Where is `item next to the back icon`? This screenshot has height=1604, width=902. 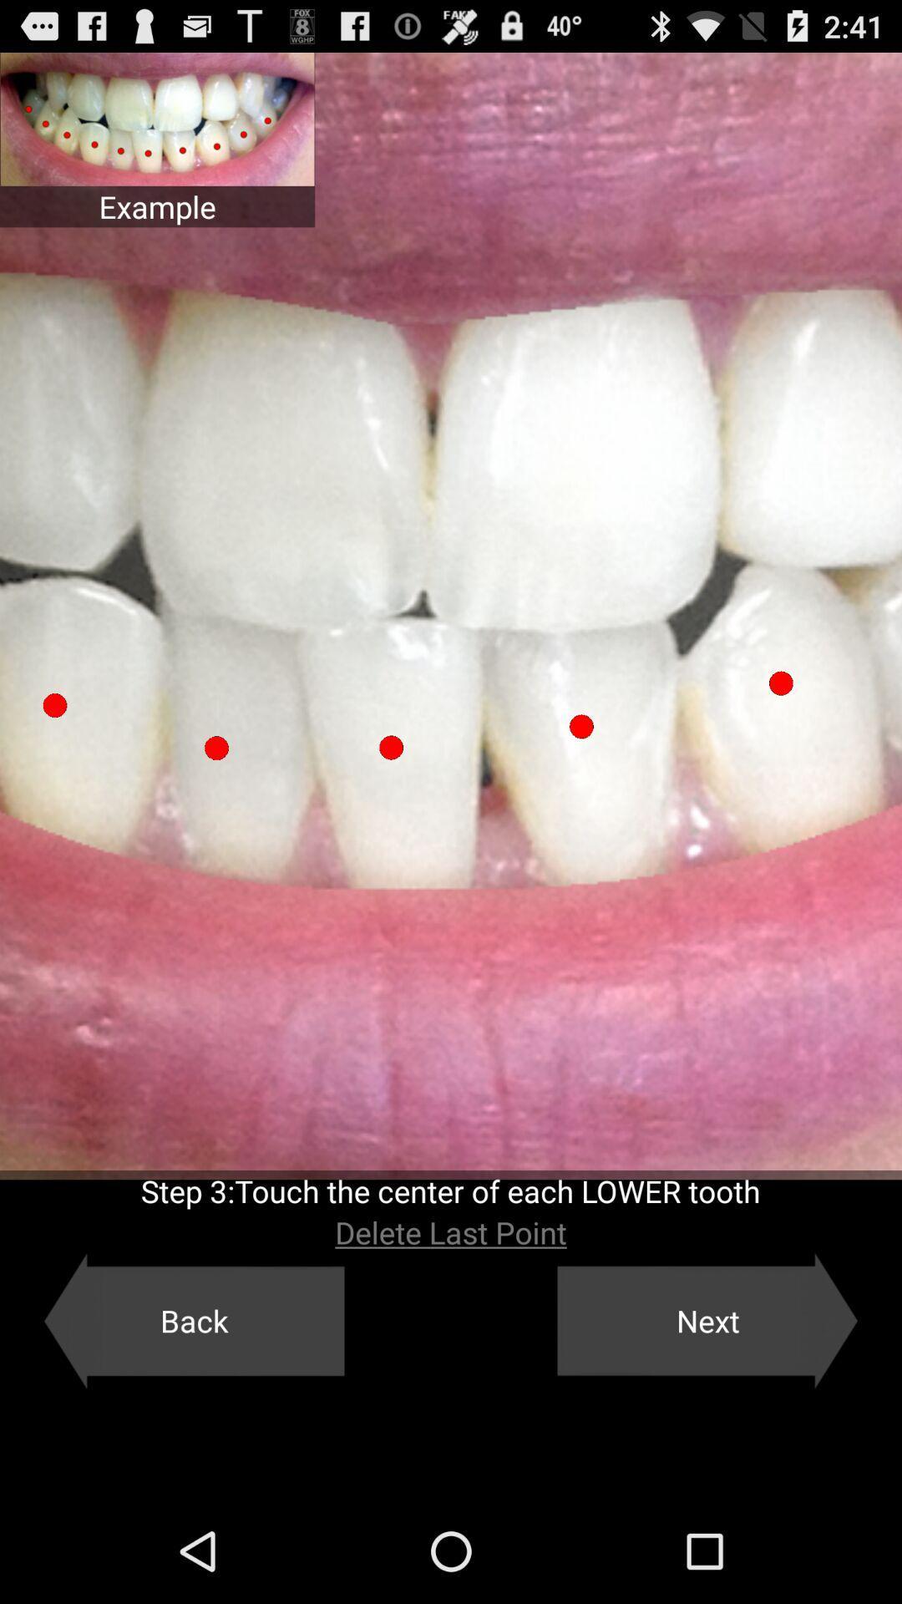
item next to the back icon is located at coordinates (707, 1320).